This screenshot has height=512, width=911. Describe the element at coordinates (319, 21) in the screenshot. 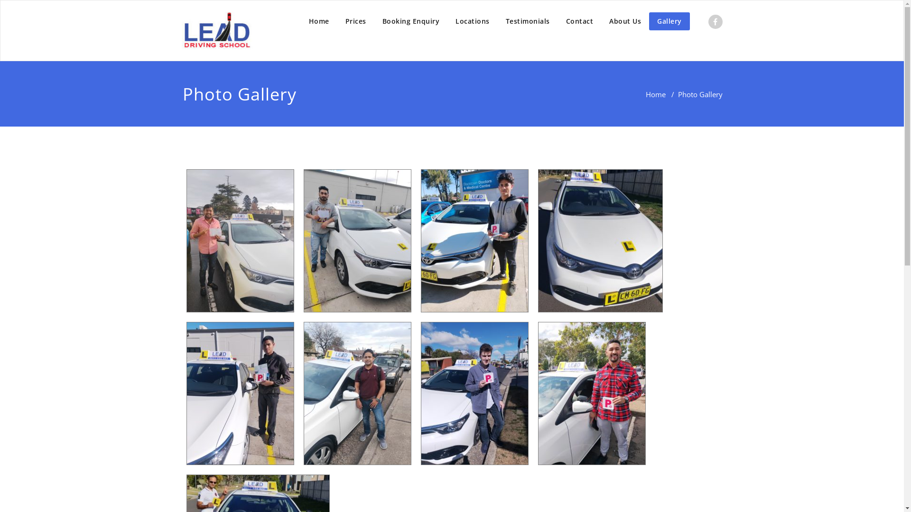

I see `'Home'` at that location.